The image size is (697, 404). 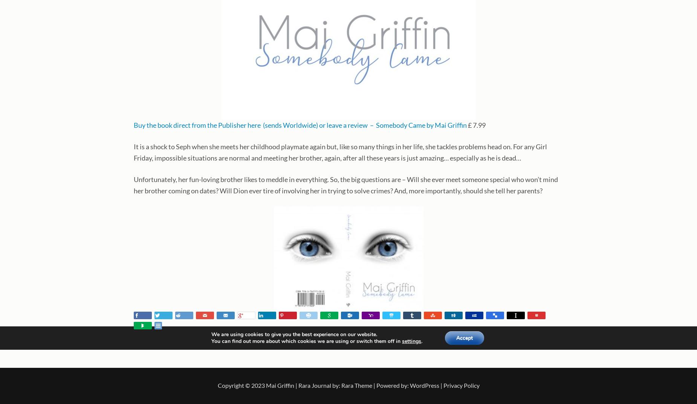 What do you see at coordinates (460, 385) in the screenshot?
I see `'Privacy Policy'` at bounding box center [460, 385].